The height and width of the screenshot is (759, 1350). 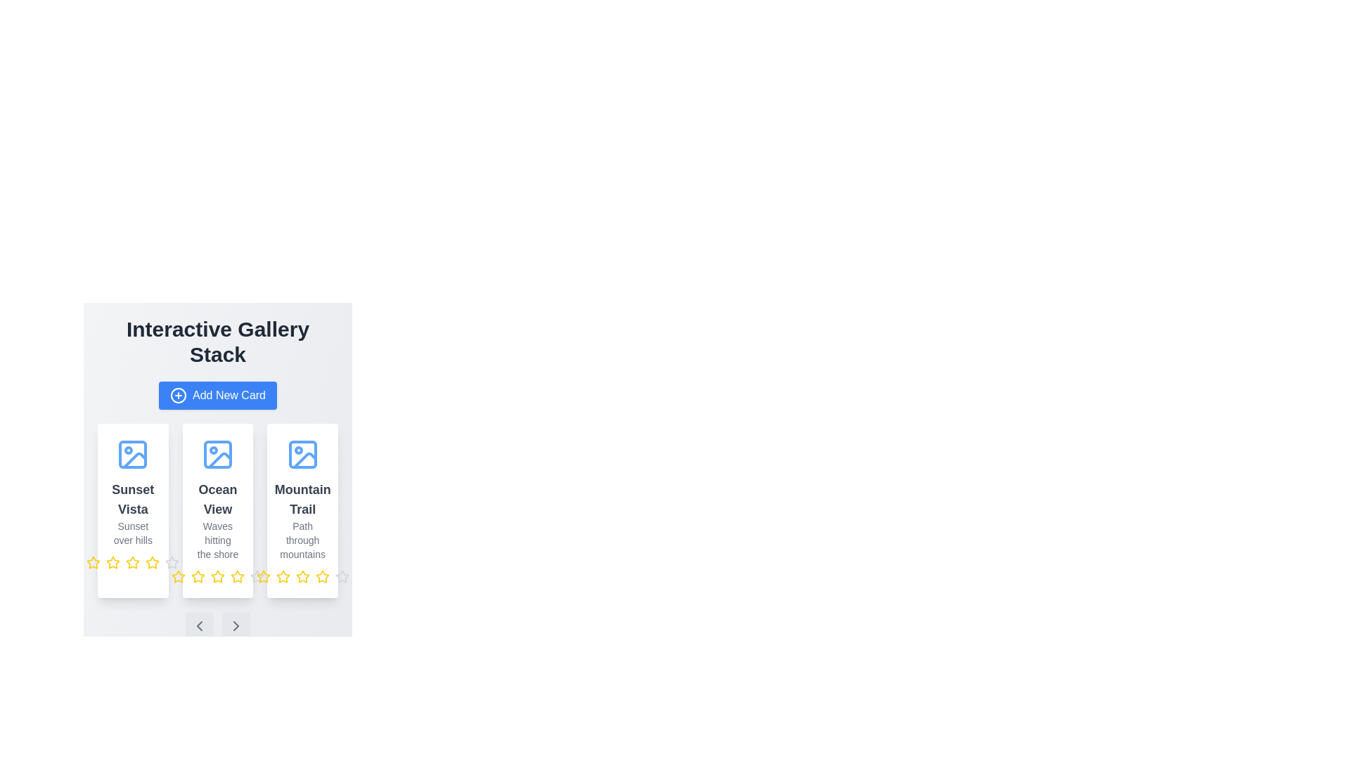 What do you see at coordinates (113, 562) in the screenshot?
I see `the first star-shaped rating icon in the rating bar beneath the 'Sunset Vista' card in the interactive gallery section to rate it` at bounding box center [113, 562].